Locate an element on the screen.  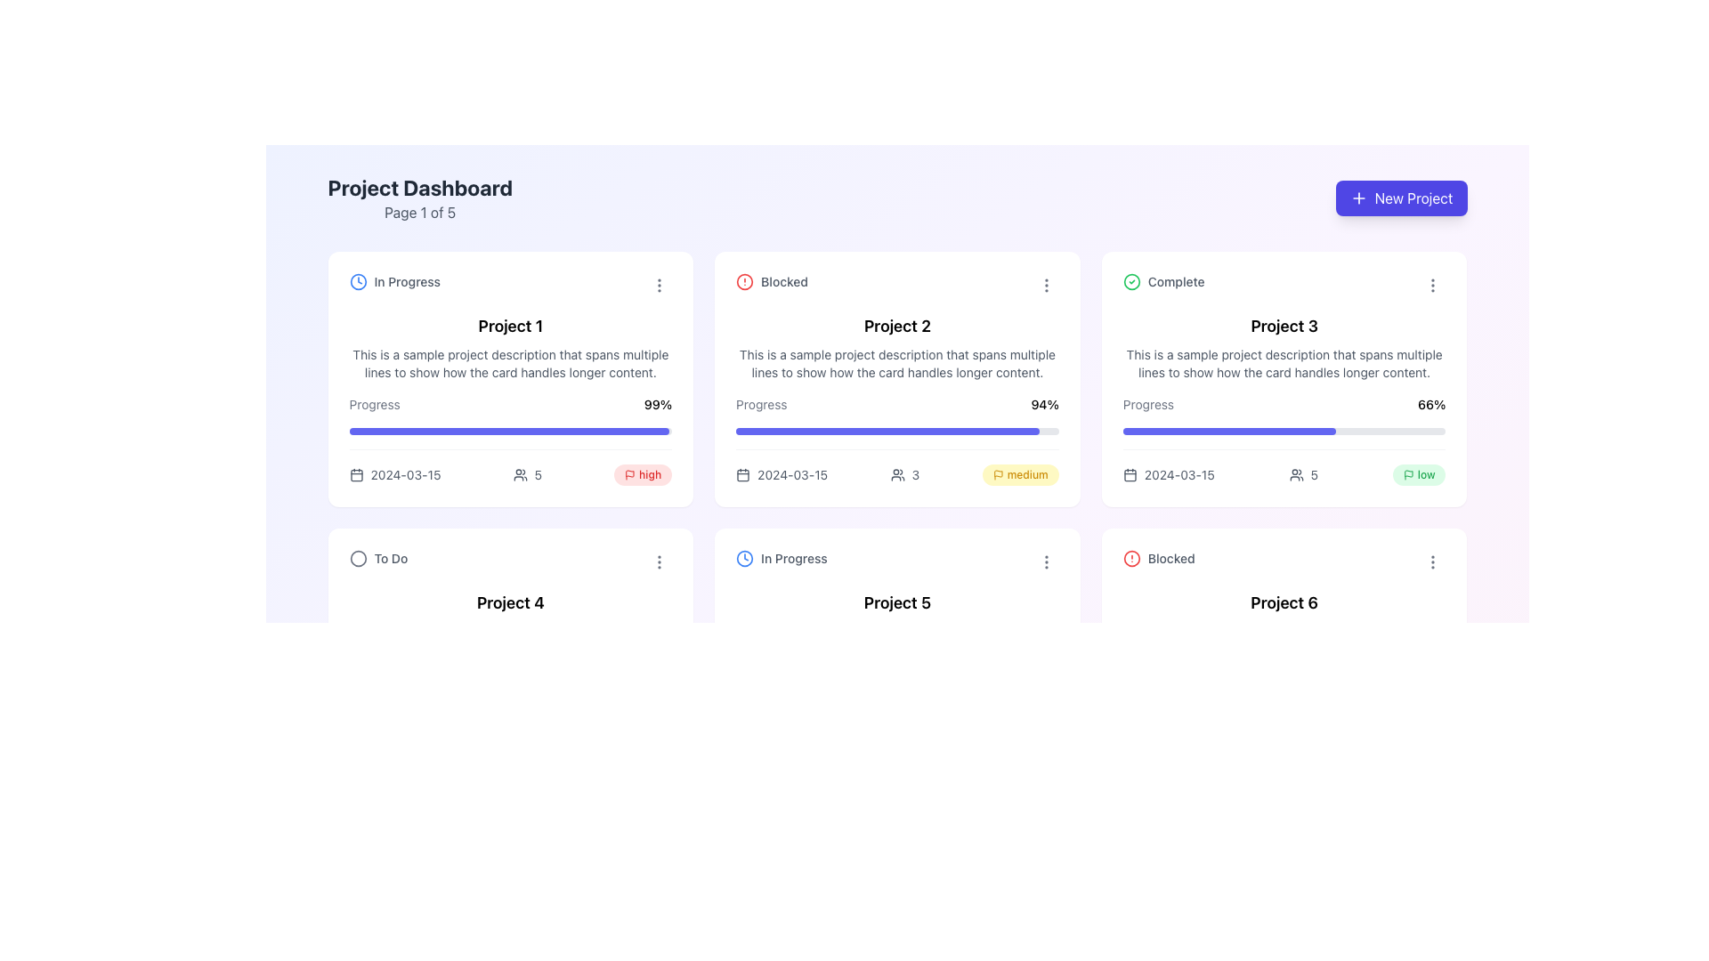
the user icon located to the left of the numeric text displaying '5' within the card for 'Project 3' in the center-right area of the interface is located at coordinates (1296, 473).